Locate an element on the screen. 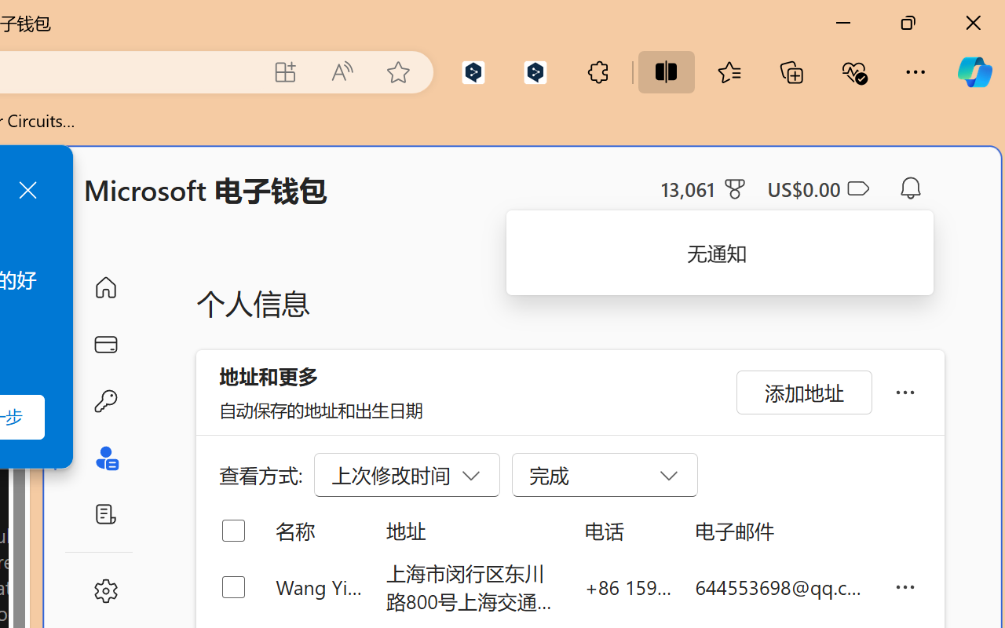 Image resolution: width=1005 pixels, height=628 pixels. 'Copilot (Ctrl+Shift+.)' is located at coordinates (974, 71).